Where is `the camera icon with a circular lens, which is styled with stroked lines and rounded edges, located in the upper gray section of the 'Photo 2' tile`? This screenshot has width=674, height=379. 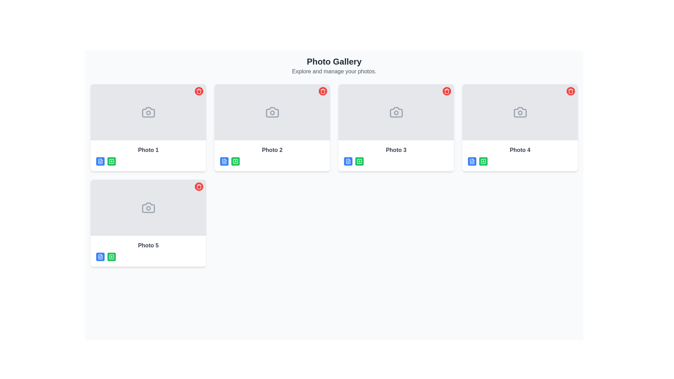
the camera icon with a circular lens, which is styled with stroked lines and rounded edges, located in the upper gray section of the 'Photo 2' tile is located at coordinates (272, 112).